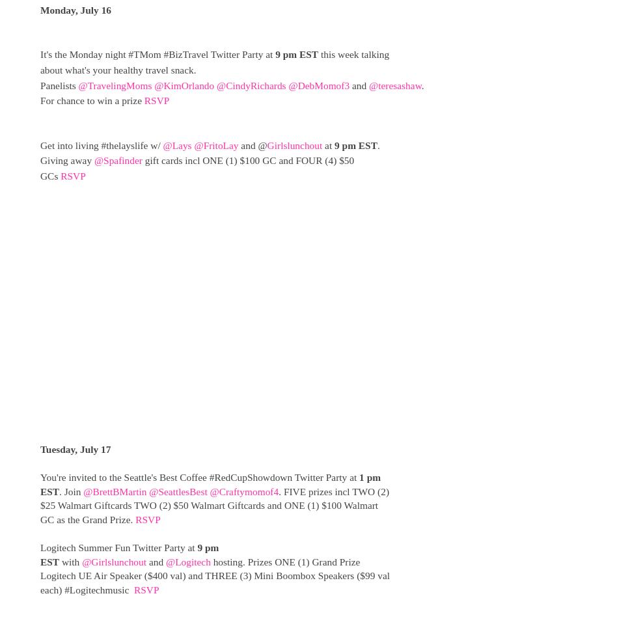 This screenshot has width=630, height=626. I want to click on 'gift cards incl ONE (1) $100 GC and FOUR (4) $50 GCs', so click(196, 168).